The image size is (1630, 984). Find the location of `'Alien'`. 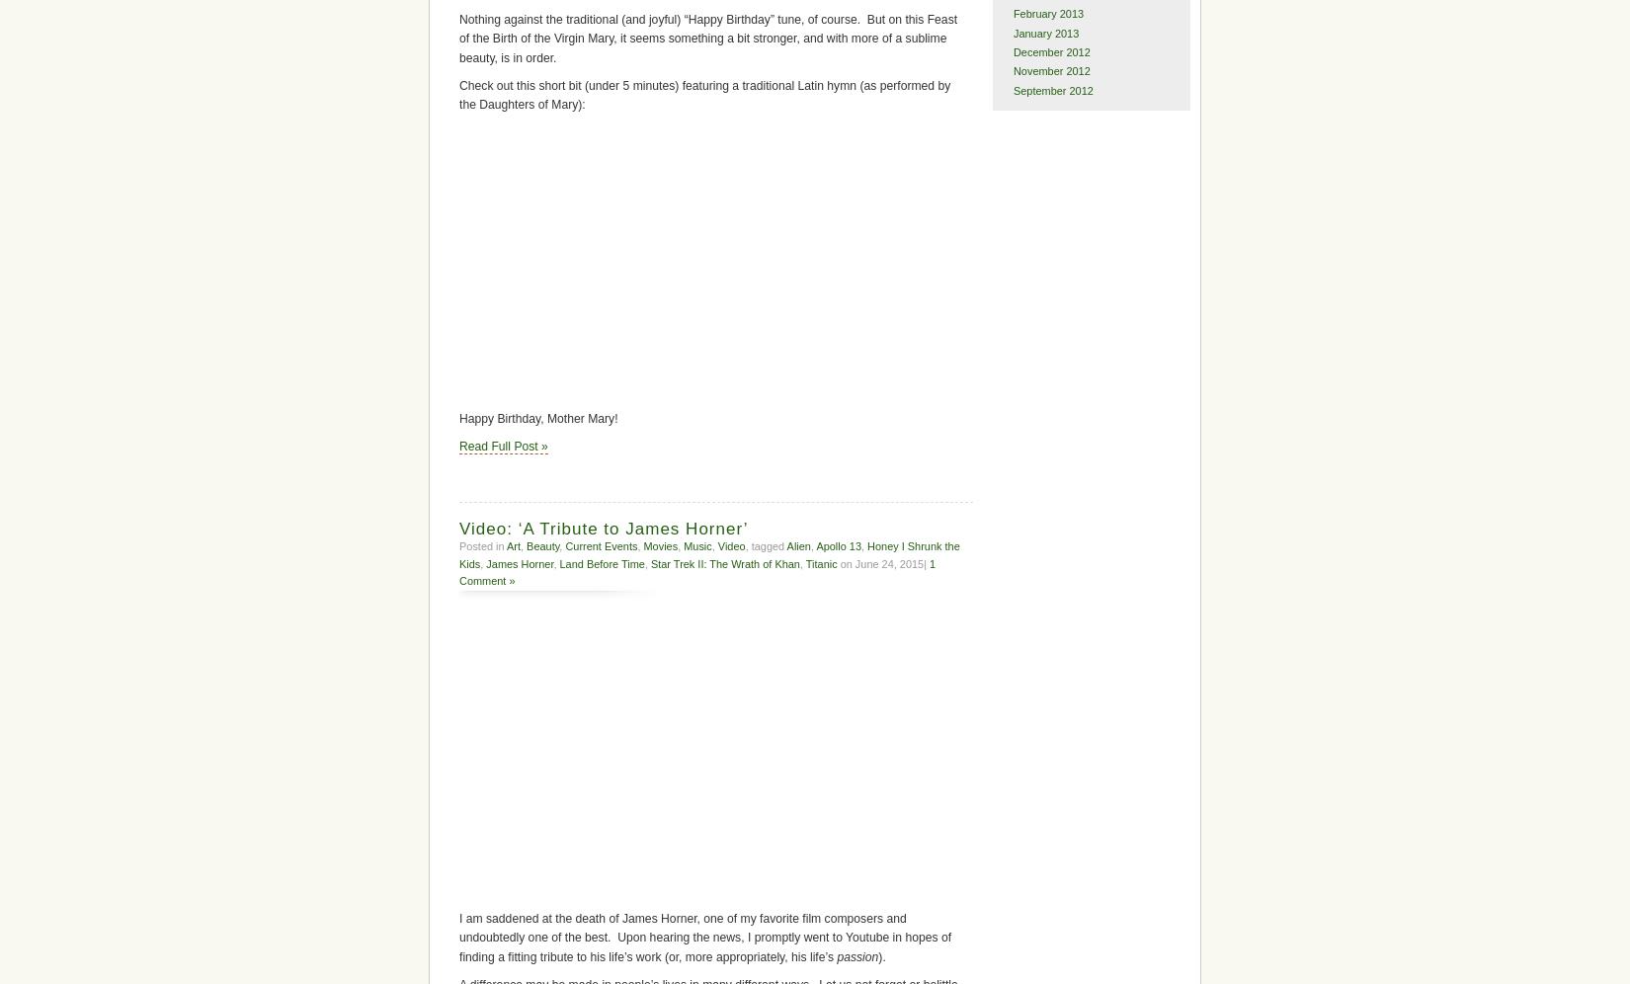

'Alien' is located at coordinates (784, 544).